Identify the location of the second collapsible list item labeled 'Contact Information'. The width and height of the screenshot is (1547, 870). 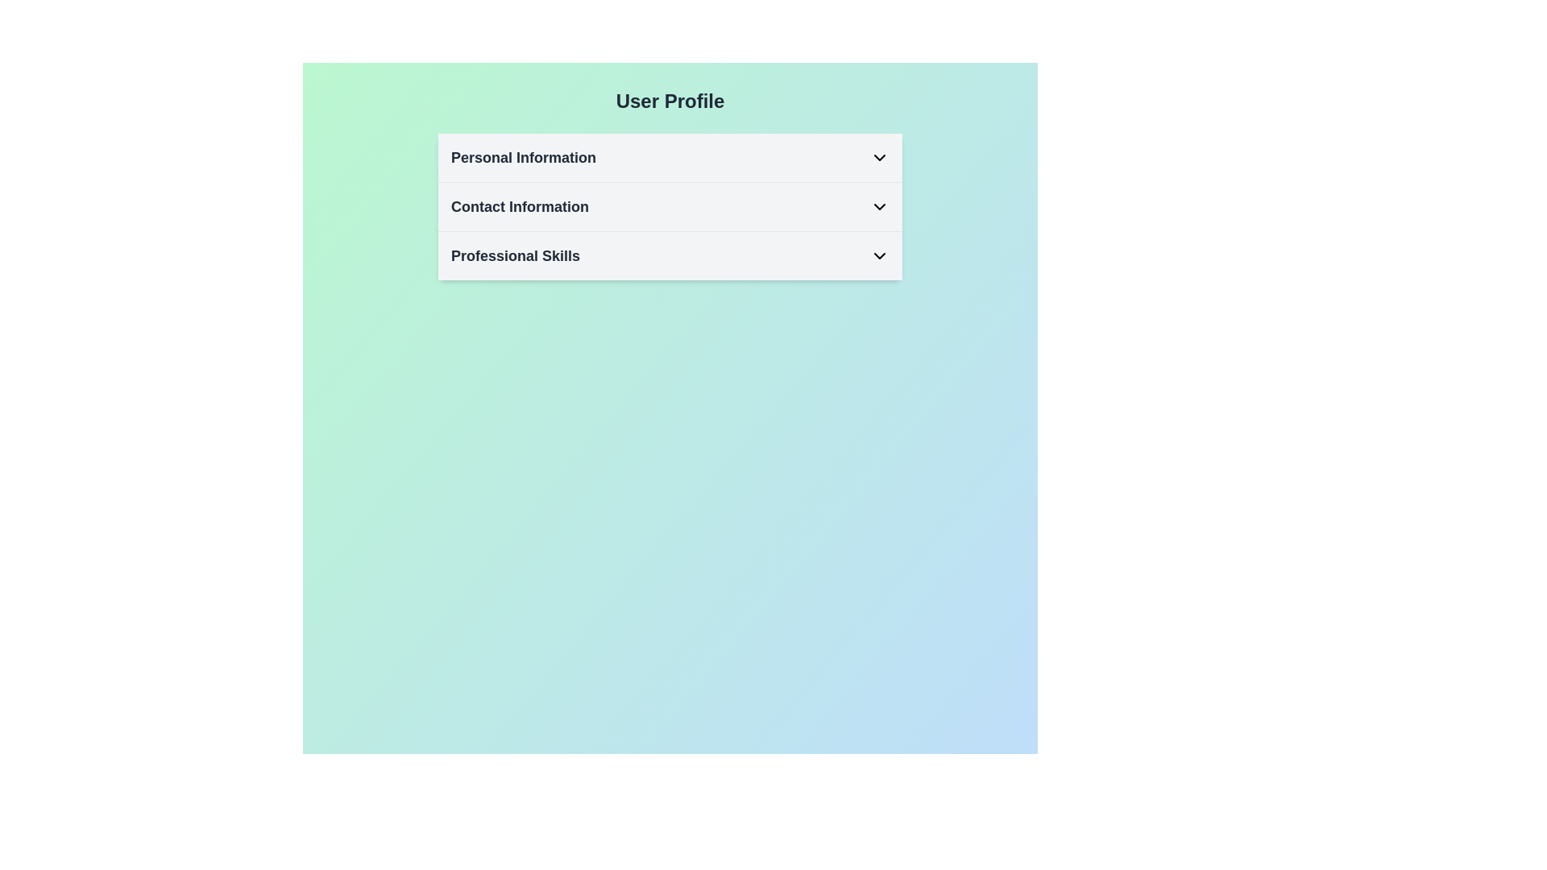
(670, 206).